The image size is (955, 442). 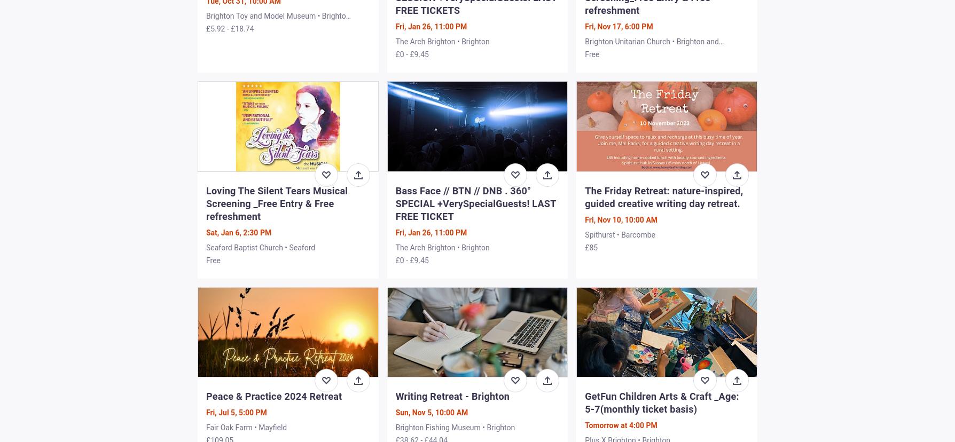 What do you see at coordinates (663, 196) in the screenshot?
I see `'The Friday Retreat: nature-inspired, guided creative writing day retreat.'` at bounding box center [663, 196].